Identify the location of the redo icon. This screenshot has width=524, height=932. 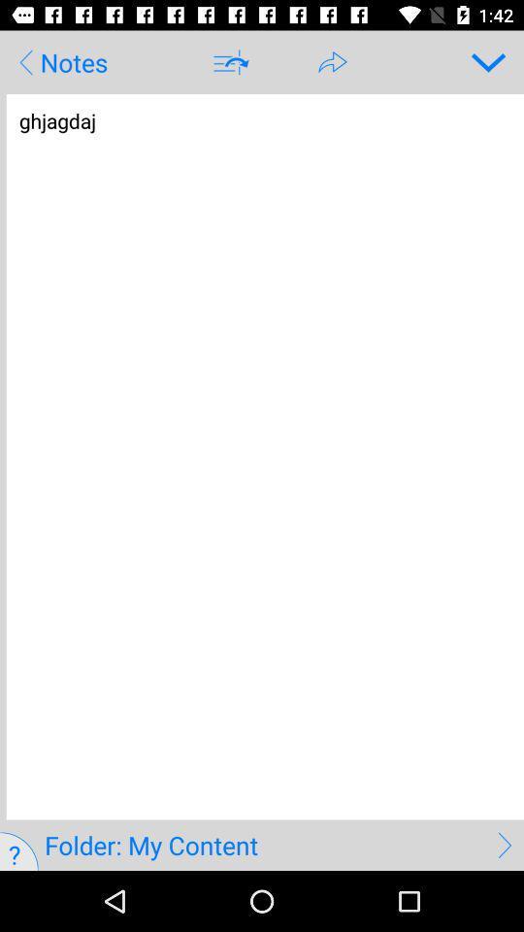
(332, 62).